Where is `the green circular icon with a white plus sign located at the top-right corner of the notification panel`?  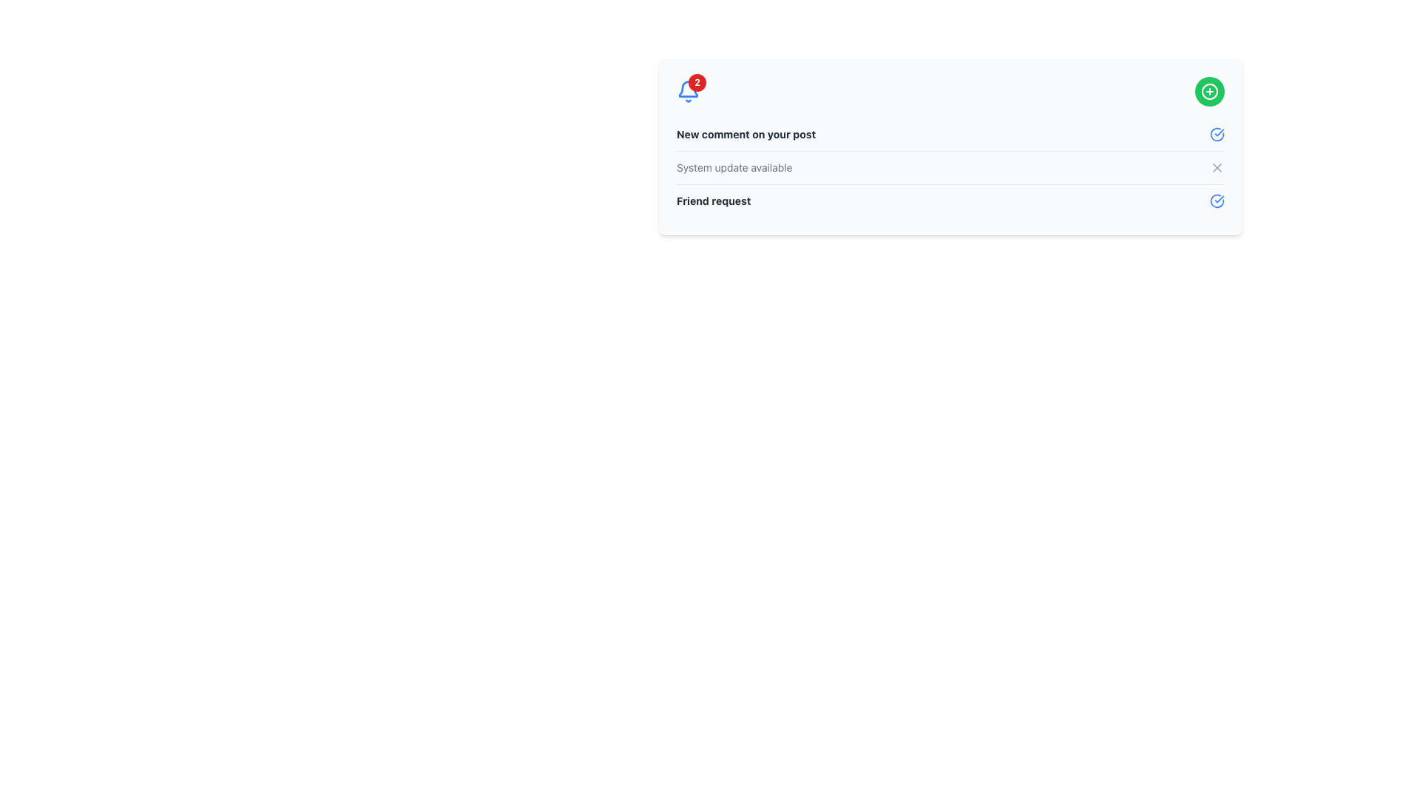
the green circular icon with a white plus sign located at the top-right corner of the notification panel is located at coordinates (1210, 91).